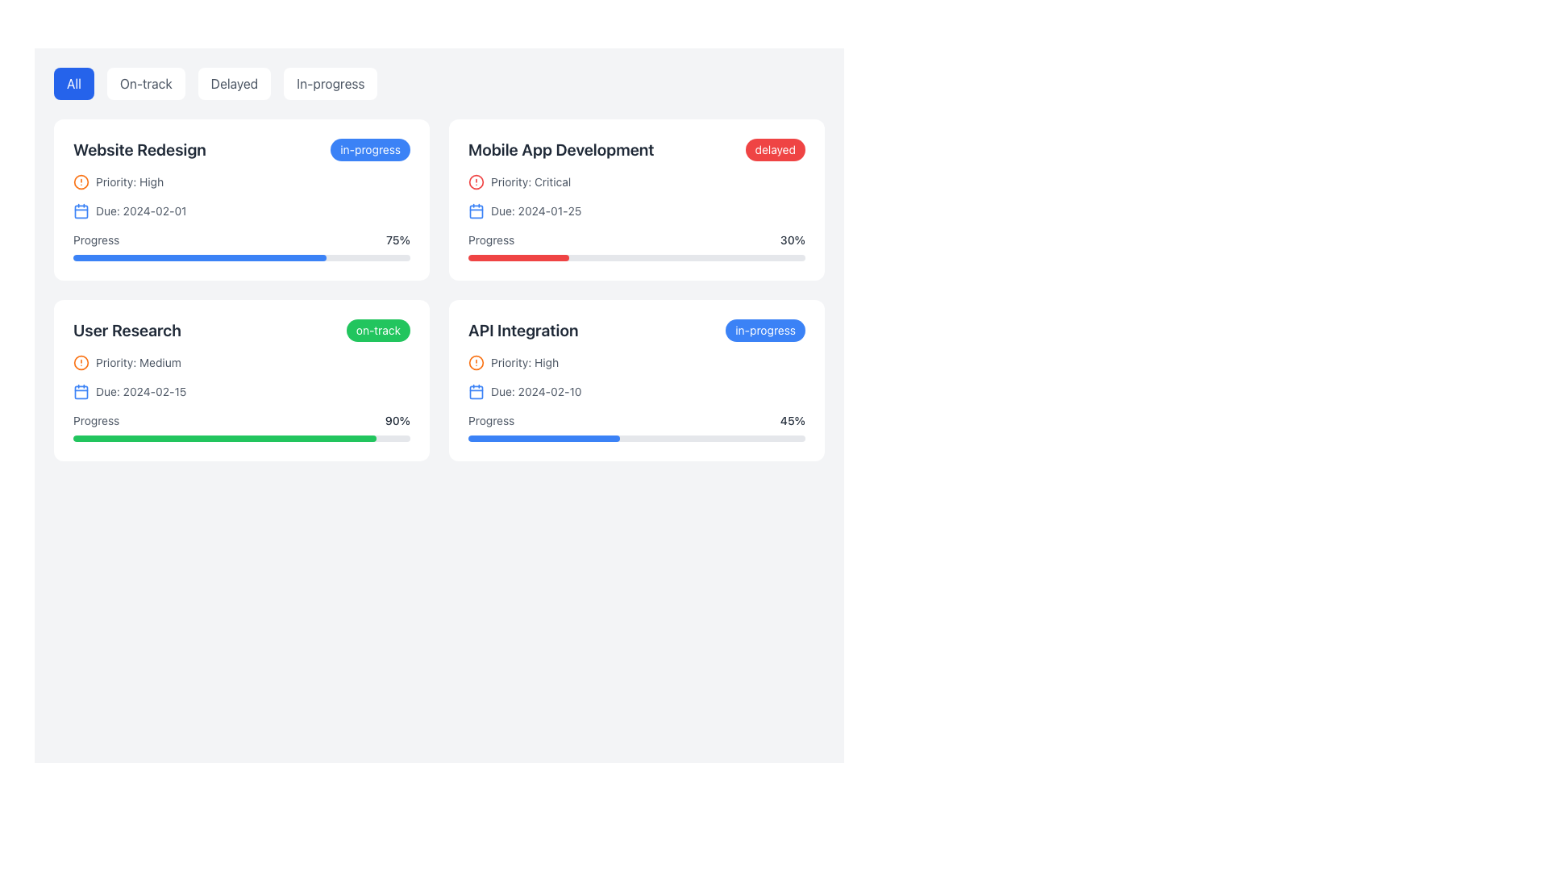 The image size is (1548, 871). Describe the element at coordinates (636, 380) in the screenshot. I see `the rectangular card titled 'API Integration' located in the lower-right section of the grid layout, identified by its blue status tag labeled 'in-progress'` at that location.